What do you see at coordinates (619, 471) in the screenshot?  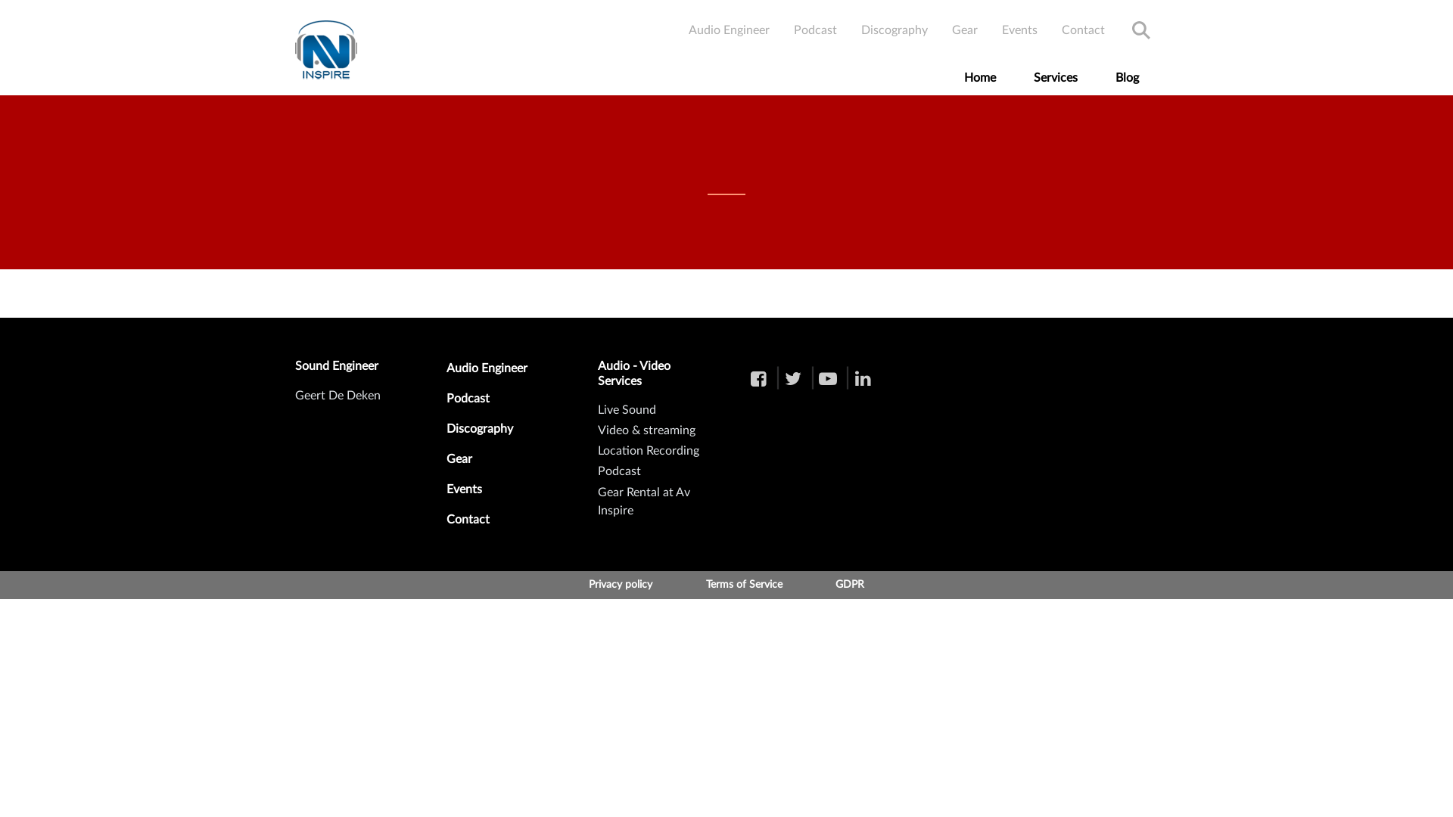 I see `'Podcast'` at bounding box center [619, 471].